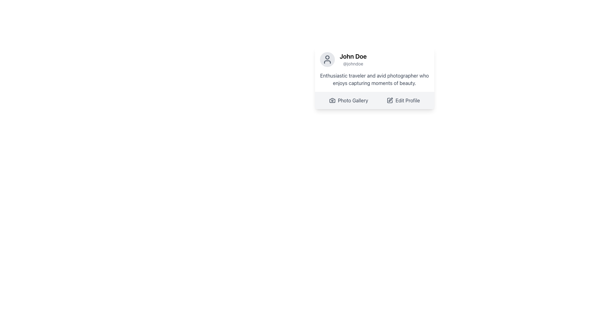  I want to click on the pen-like icon styled with a simple outline, so click(390, 100).